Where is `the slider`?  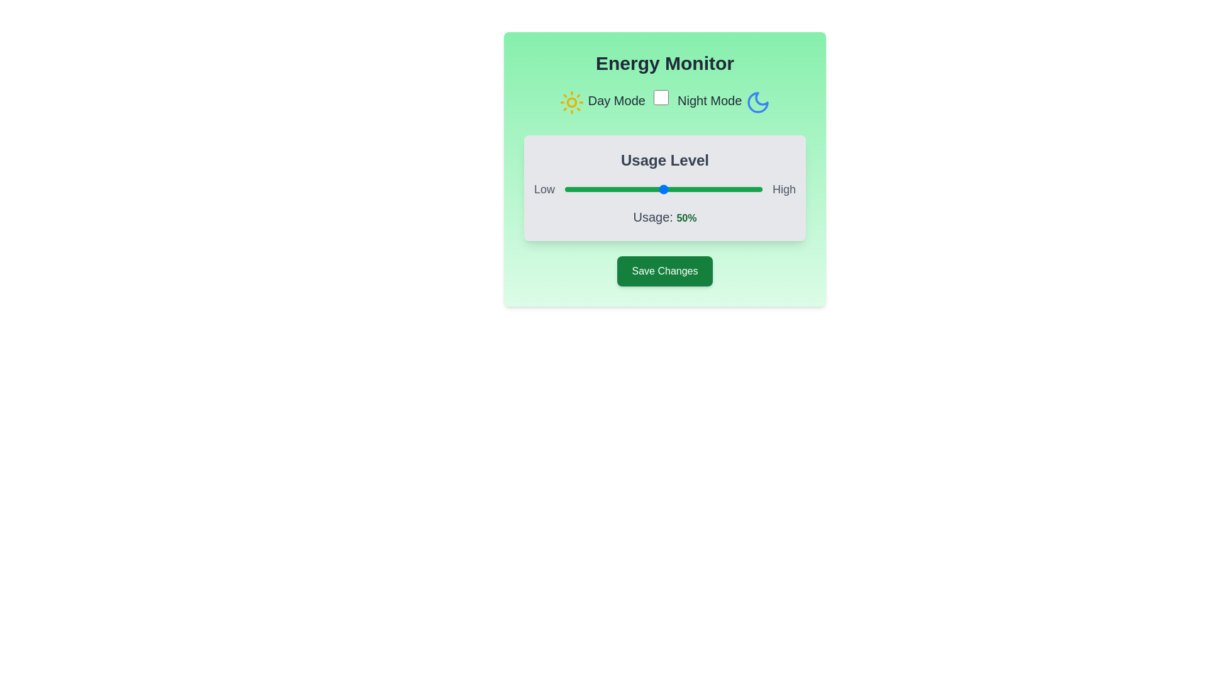
the slider is located at coordinates (632, 189).